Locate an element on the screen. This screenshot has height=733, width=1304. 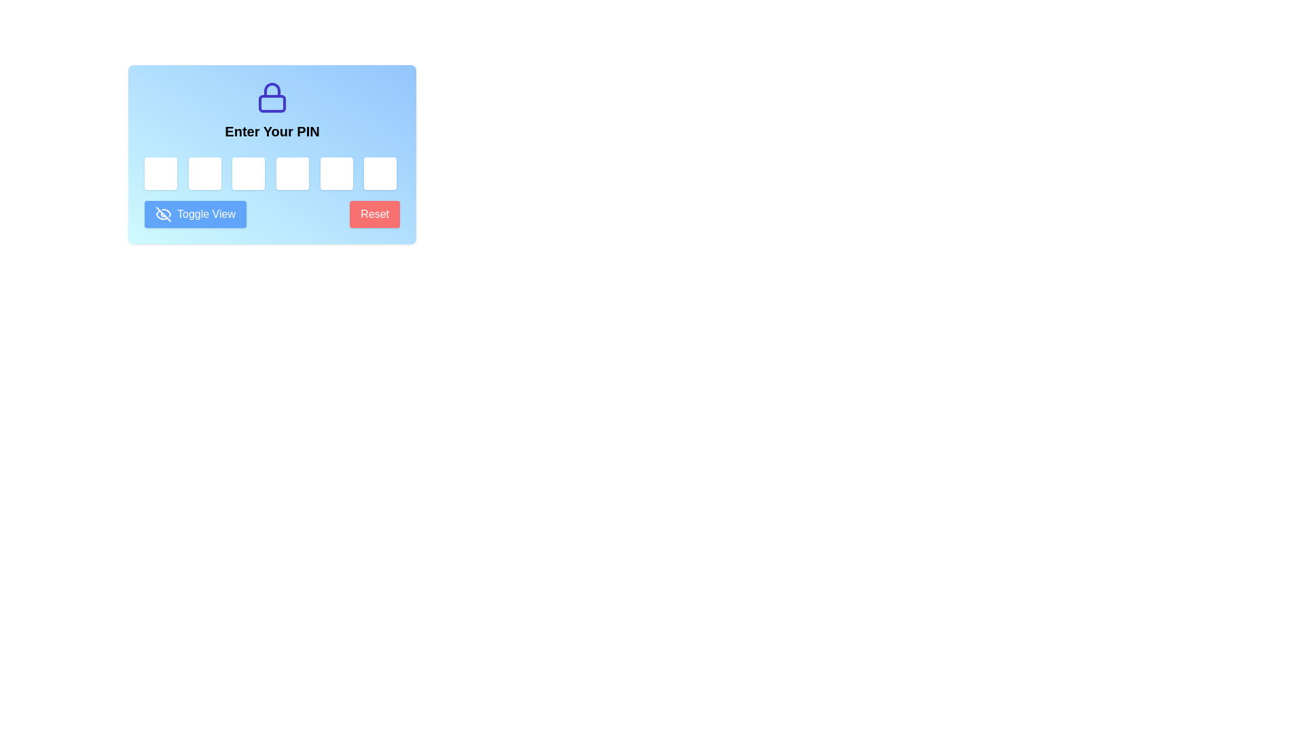
the 'Toggle View' button with a blue background and an eye icon to trigger hover effects is located at coordinates (195, 214).